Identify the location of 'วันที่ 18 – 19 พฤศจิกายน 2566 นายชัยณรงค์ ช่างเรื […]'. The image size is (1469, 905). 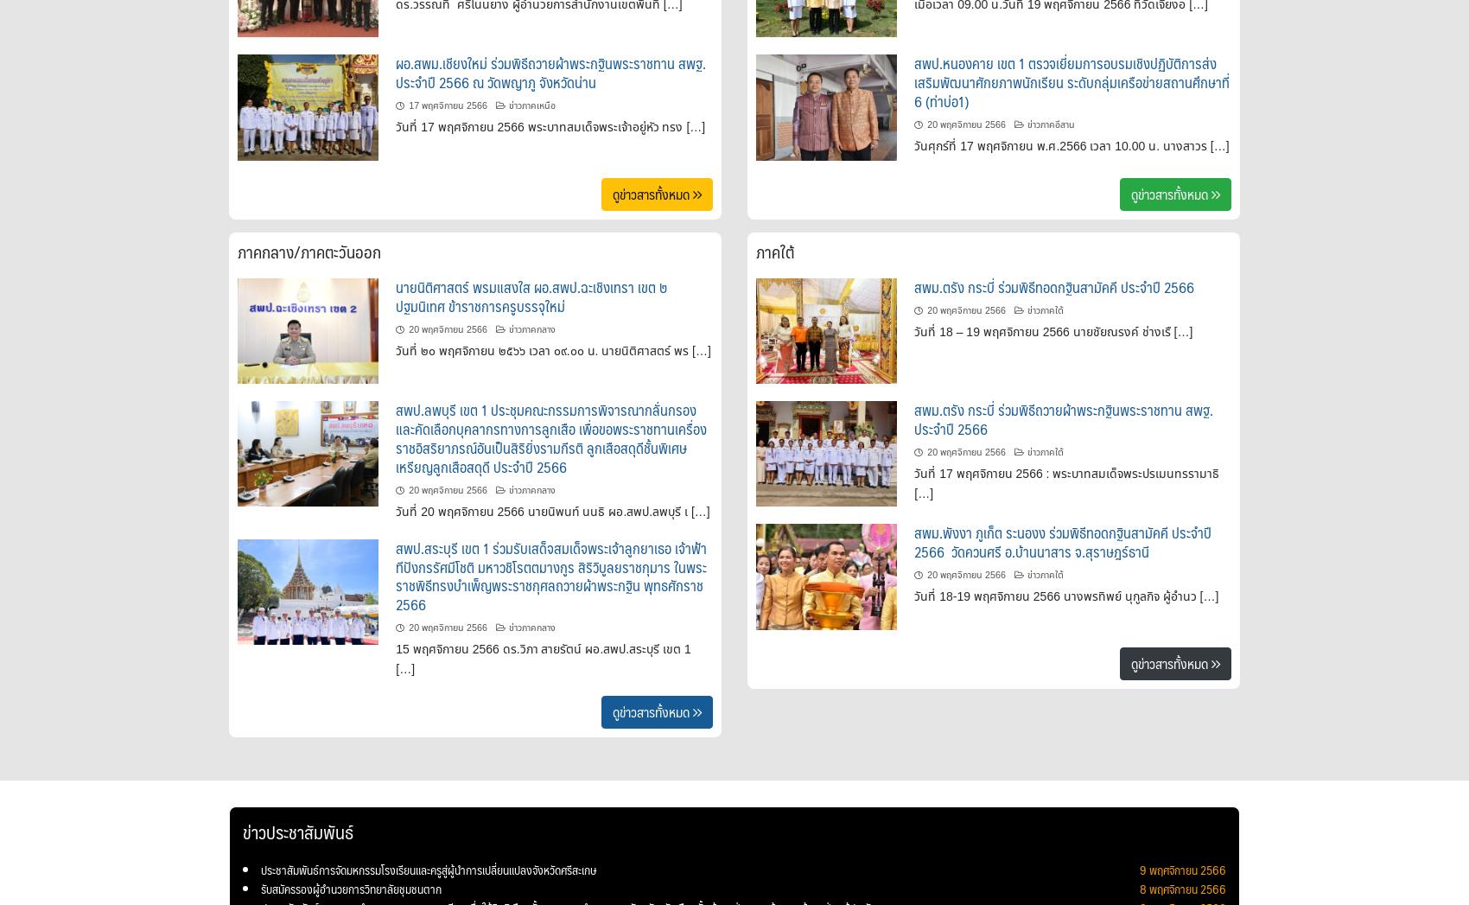
(1052, 329).